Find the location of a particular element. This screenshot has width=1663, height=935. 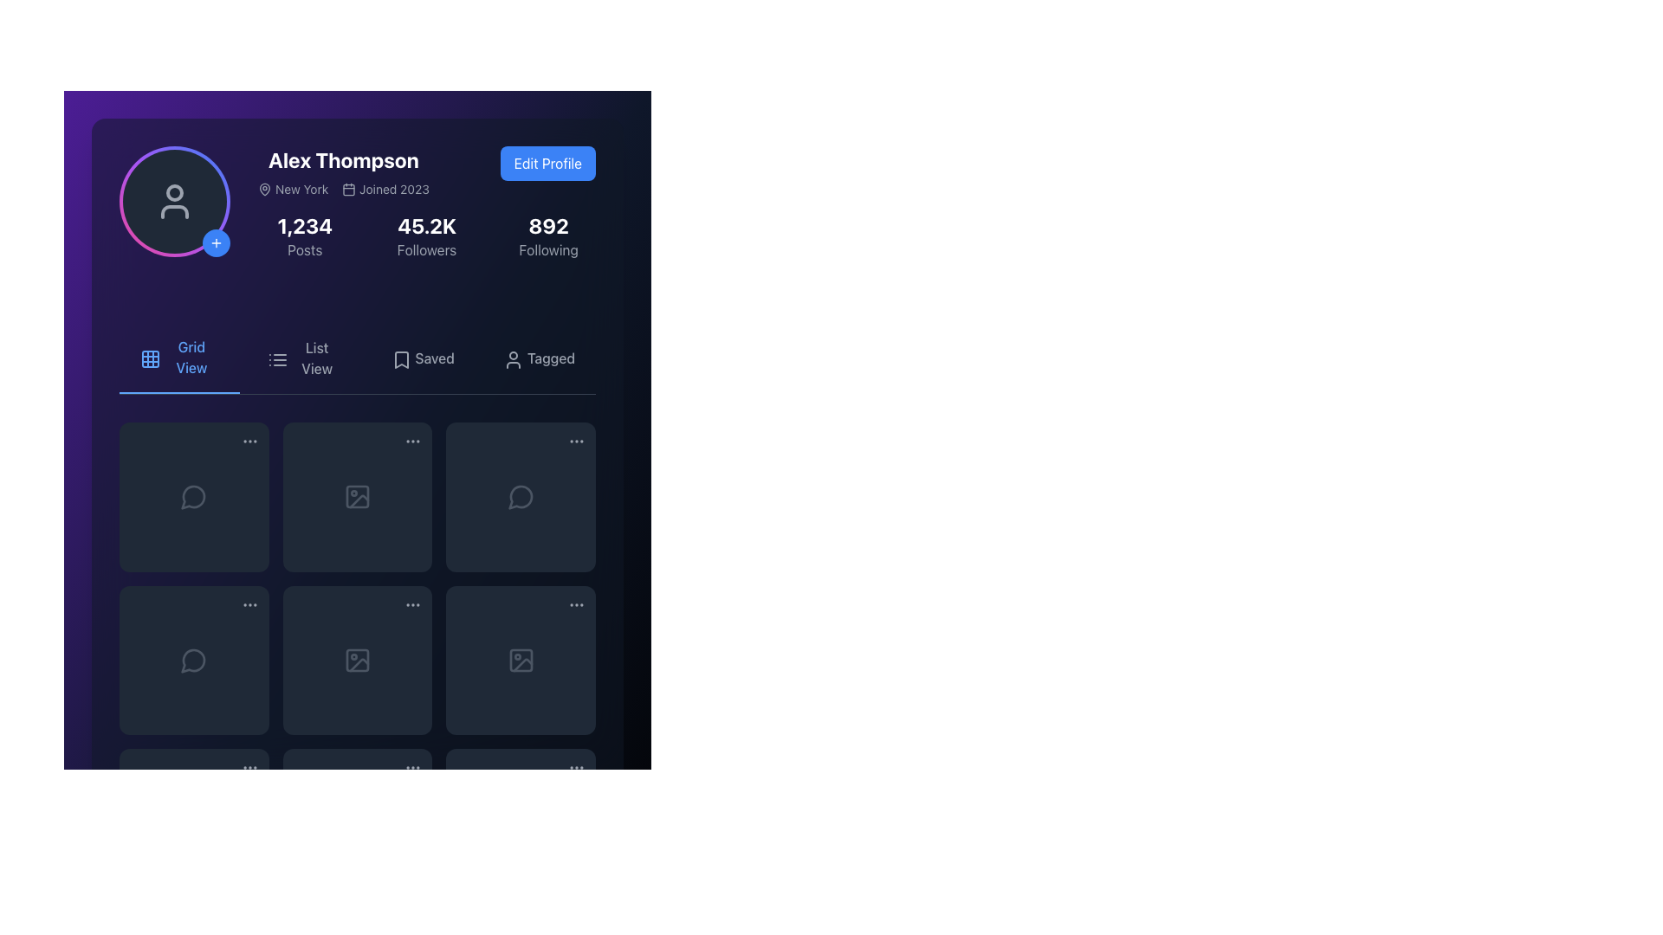

the speech bubble icon in the second row, first column of the grid is located at coordinates (194, 661).